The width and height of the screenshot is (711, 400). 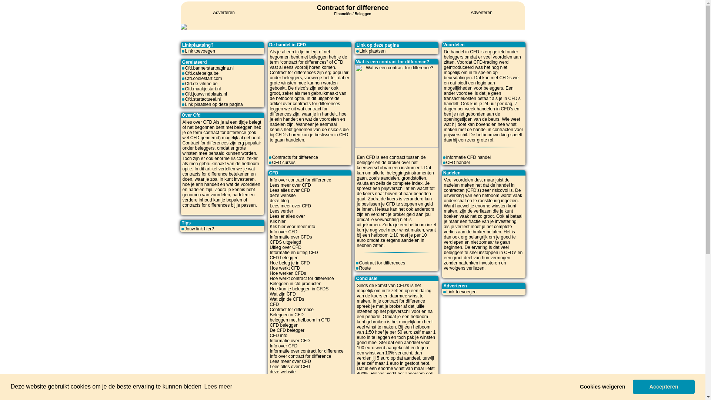 I want to click on 'Cfd.cafebelga.be', so click(x=202, y=73).